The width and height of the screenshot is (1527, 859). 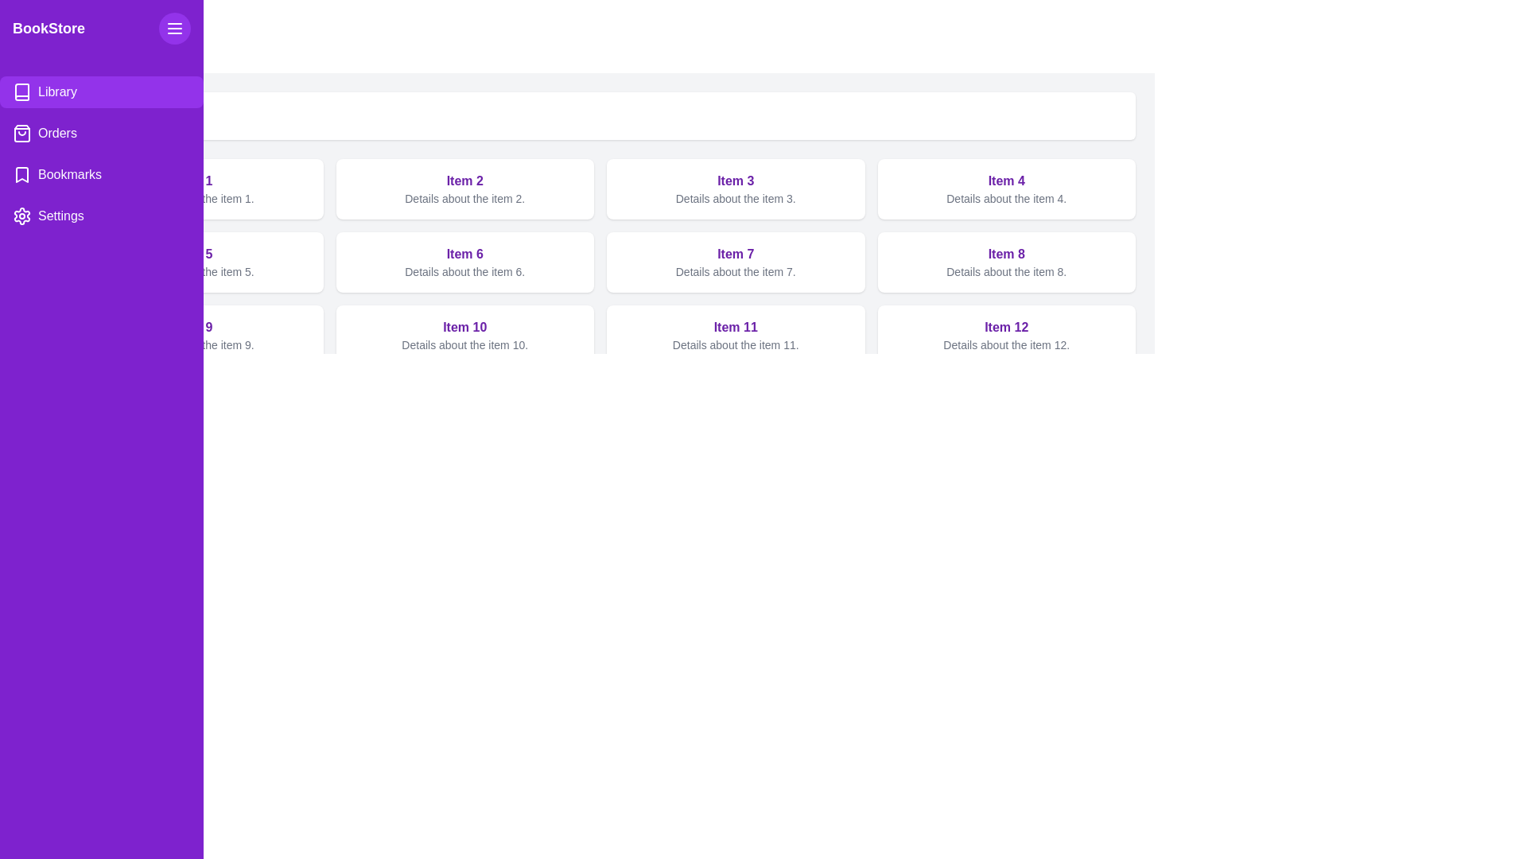 What do you see at coordinates (735, 254) in the screenshot?
I see `the text label displaying 'Item 7' in bold purple font, located centrally in the second row of card-like containers` at bounding box center [735, 254].